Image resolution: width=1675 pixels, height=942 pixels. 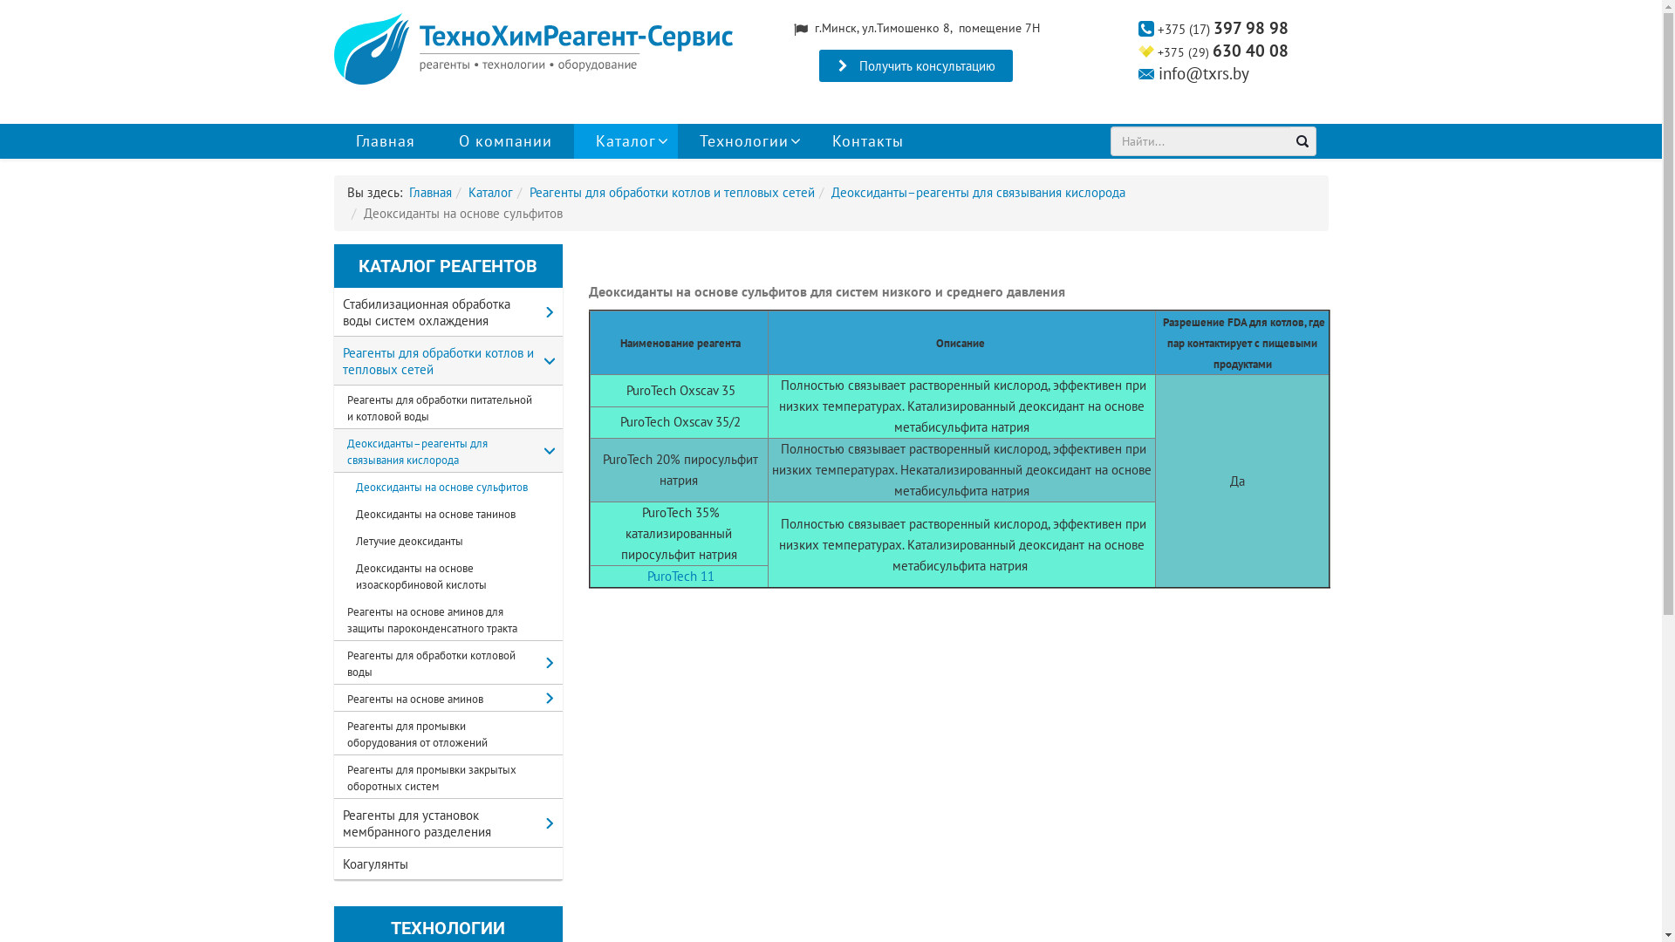 I want to click on ' PuroTech 11', so click(x=678, y=576).